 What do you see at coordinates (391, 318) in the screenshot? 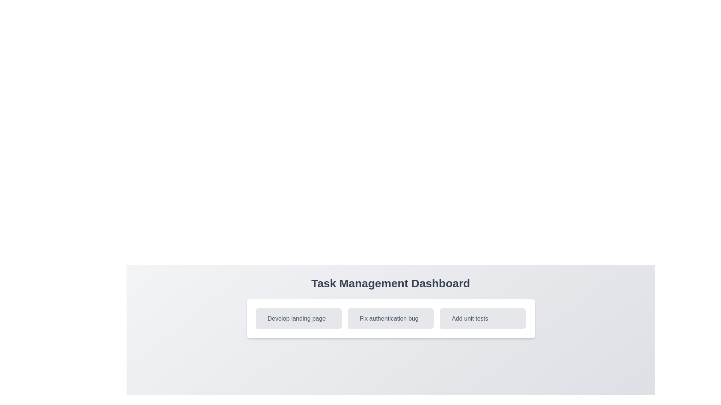
I see `the middle grid cell containing the text 'Fix authentication bug'` at bounding box center [391, 318].